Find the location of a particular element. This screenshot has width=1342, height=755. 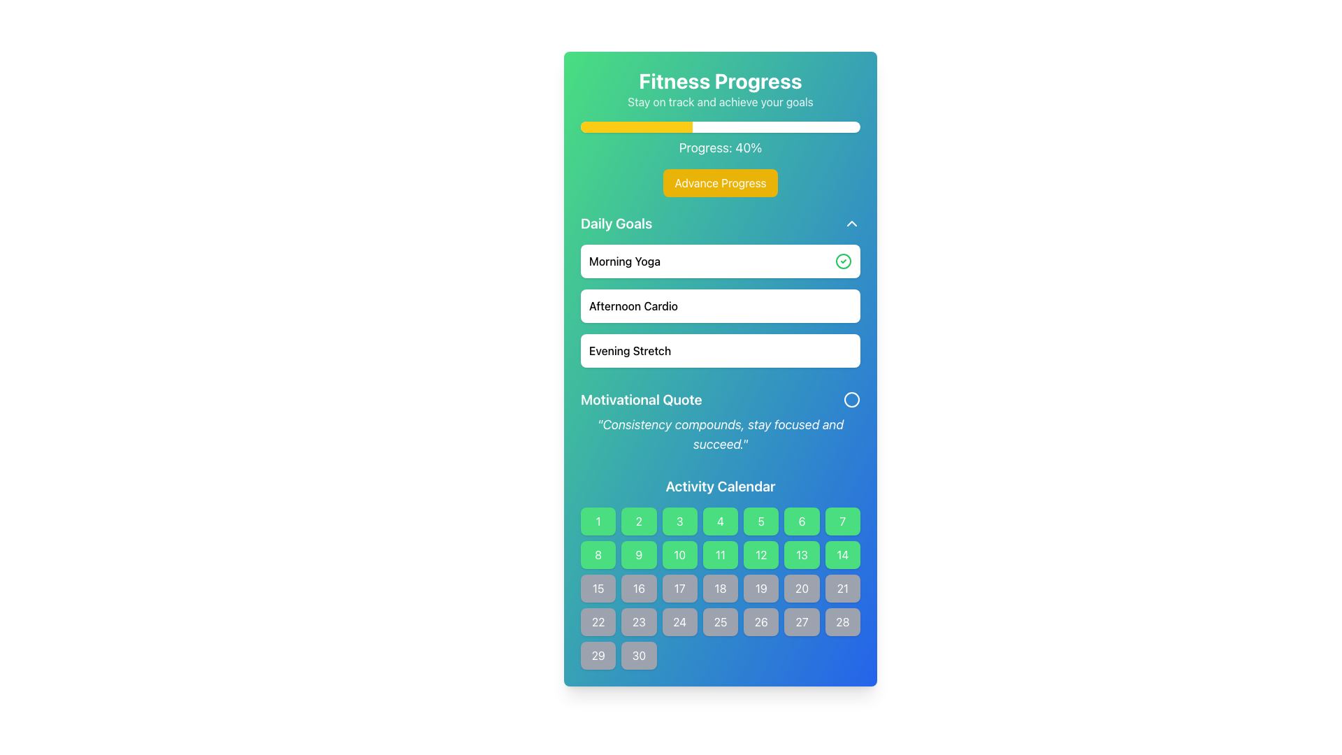

the rounded rectangular button displaying the number '28' in the calendar grid is located at coordinates (842, 621).